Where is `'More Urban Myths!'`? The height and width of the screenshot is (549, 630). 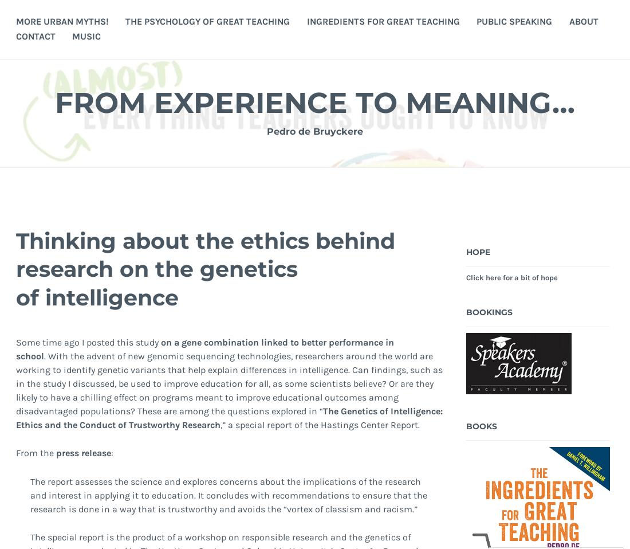
'More Urban Myths!' is located at coordinates (62, 20).